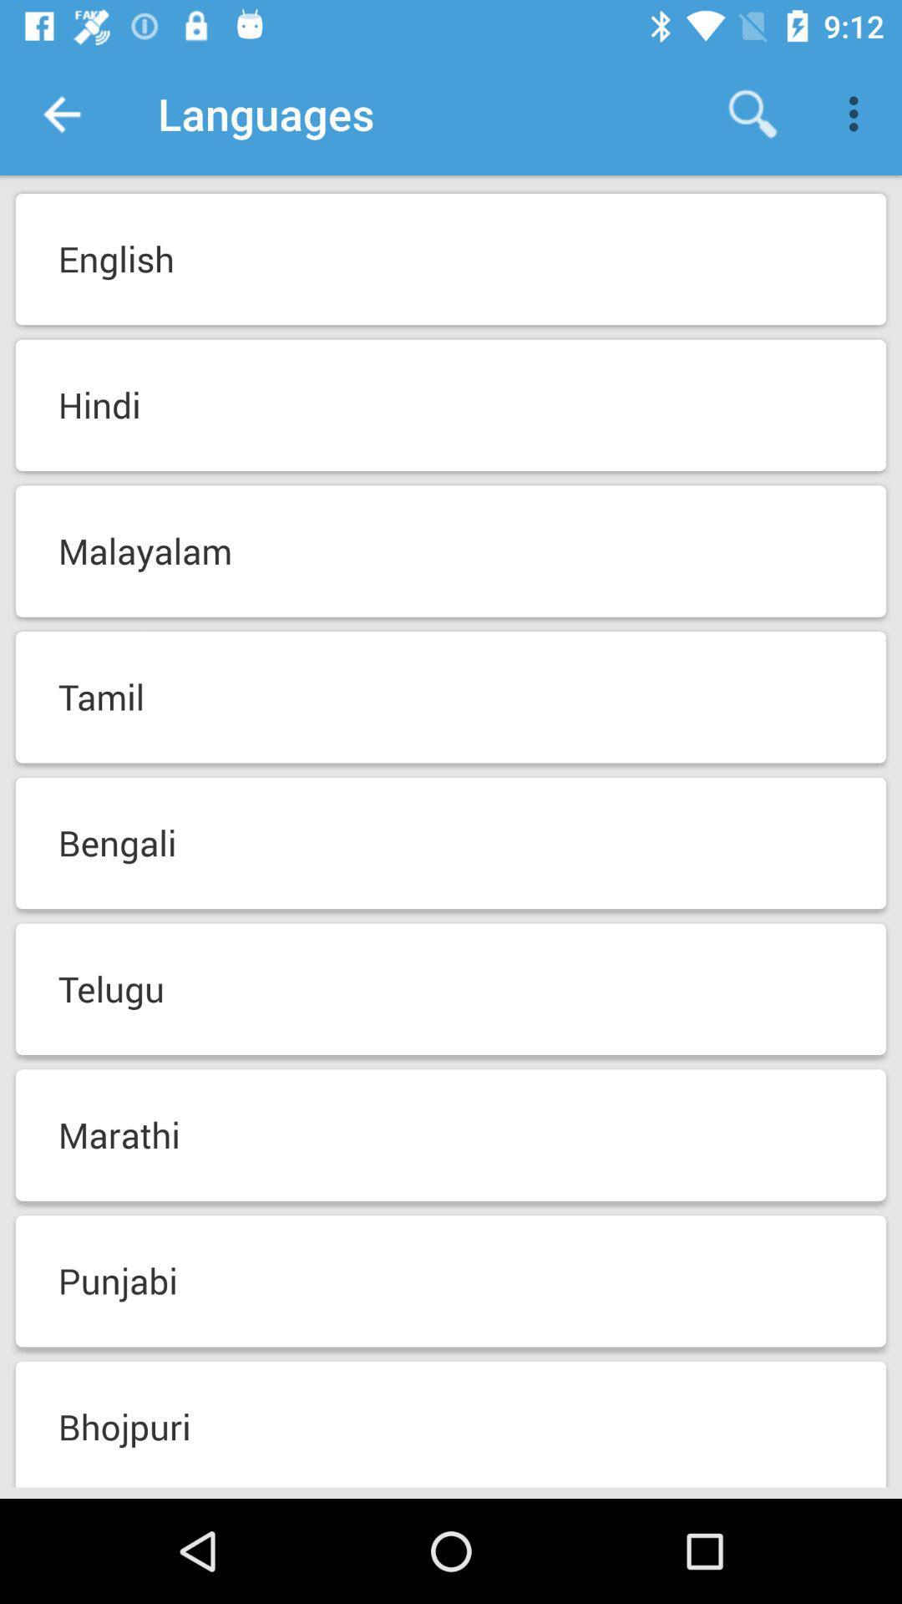 The width and height of the screenshot is (902, 1604). I want to click on icon above the english icon, so click(858, 113).